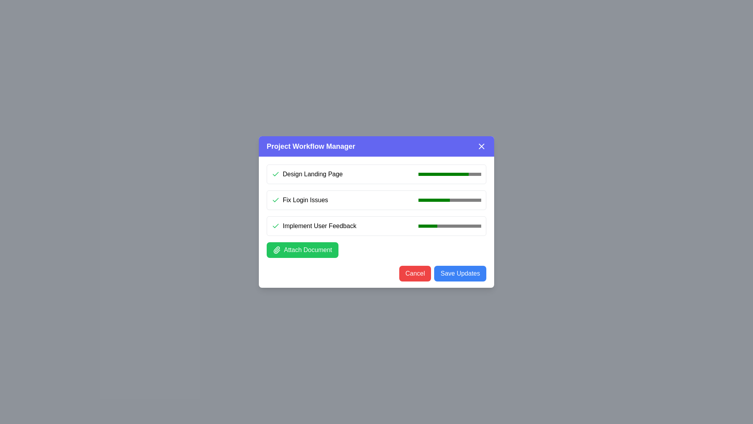 The height and width of the screenshot is (424, 753). Describe the element at coordinates (276, 250) in the screenshot. I see `the green paperclip icon within the 'Attach Document' button in the 'Project Workflow Manager' modal` at that location.